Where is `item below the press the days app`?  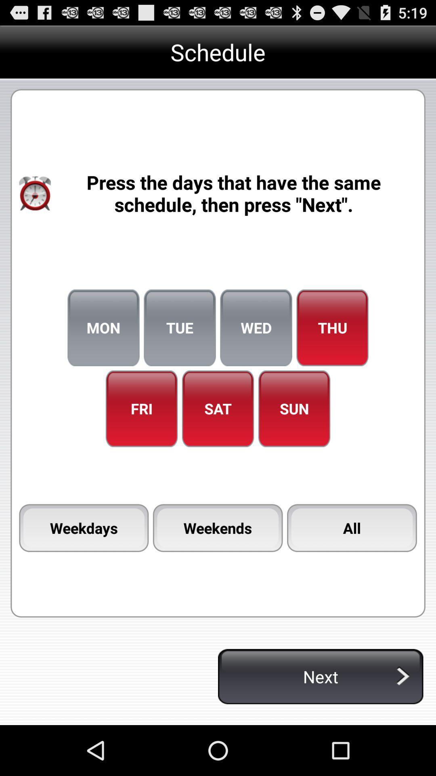
item below the press the days app is located at coordinates (332, 328).